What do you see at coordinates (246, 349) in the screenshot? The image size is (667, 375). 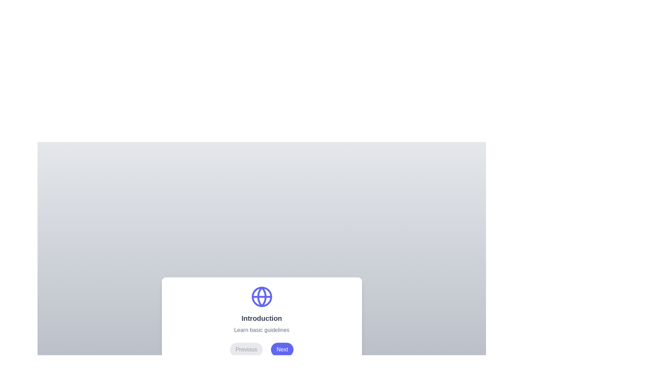 I see `the Previous button to navigate through the steps` at bounding box center [246, 349].